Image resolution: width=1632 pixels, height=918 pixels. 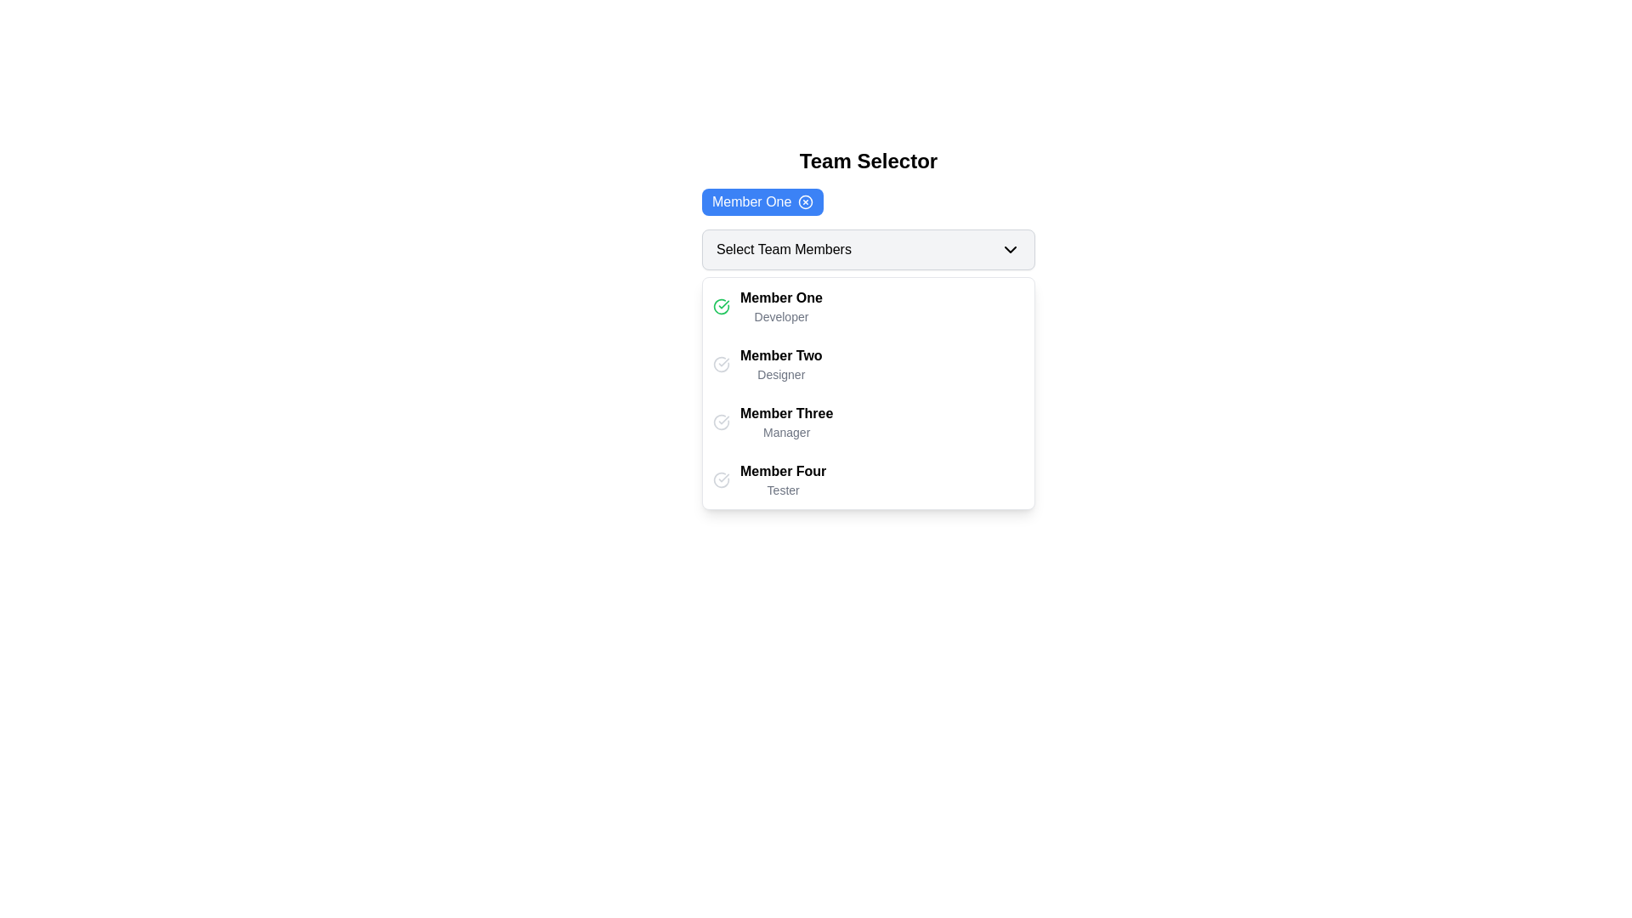 I want to click on the blue circular icon button with a white 'X' symbol, so click(x=805, y=201).